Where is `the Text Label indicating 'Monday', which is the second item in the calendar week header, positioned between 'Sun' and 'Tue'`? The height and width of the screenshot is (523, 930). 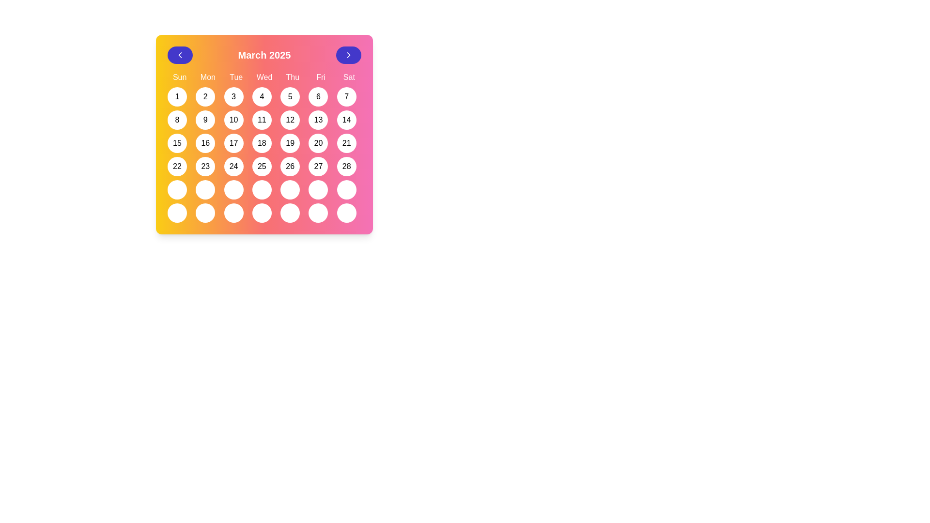
the Text Label indicating 'Monday', which is the second item in the calendar week header, positioned between 'Sun' and 'Tue' is located at coordinates (207, 77).